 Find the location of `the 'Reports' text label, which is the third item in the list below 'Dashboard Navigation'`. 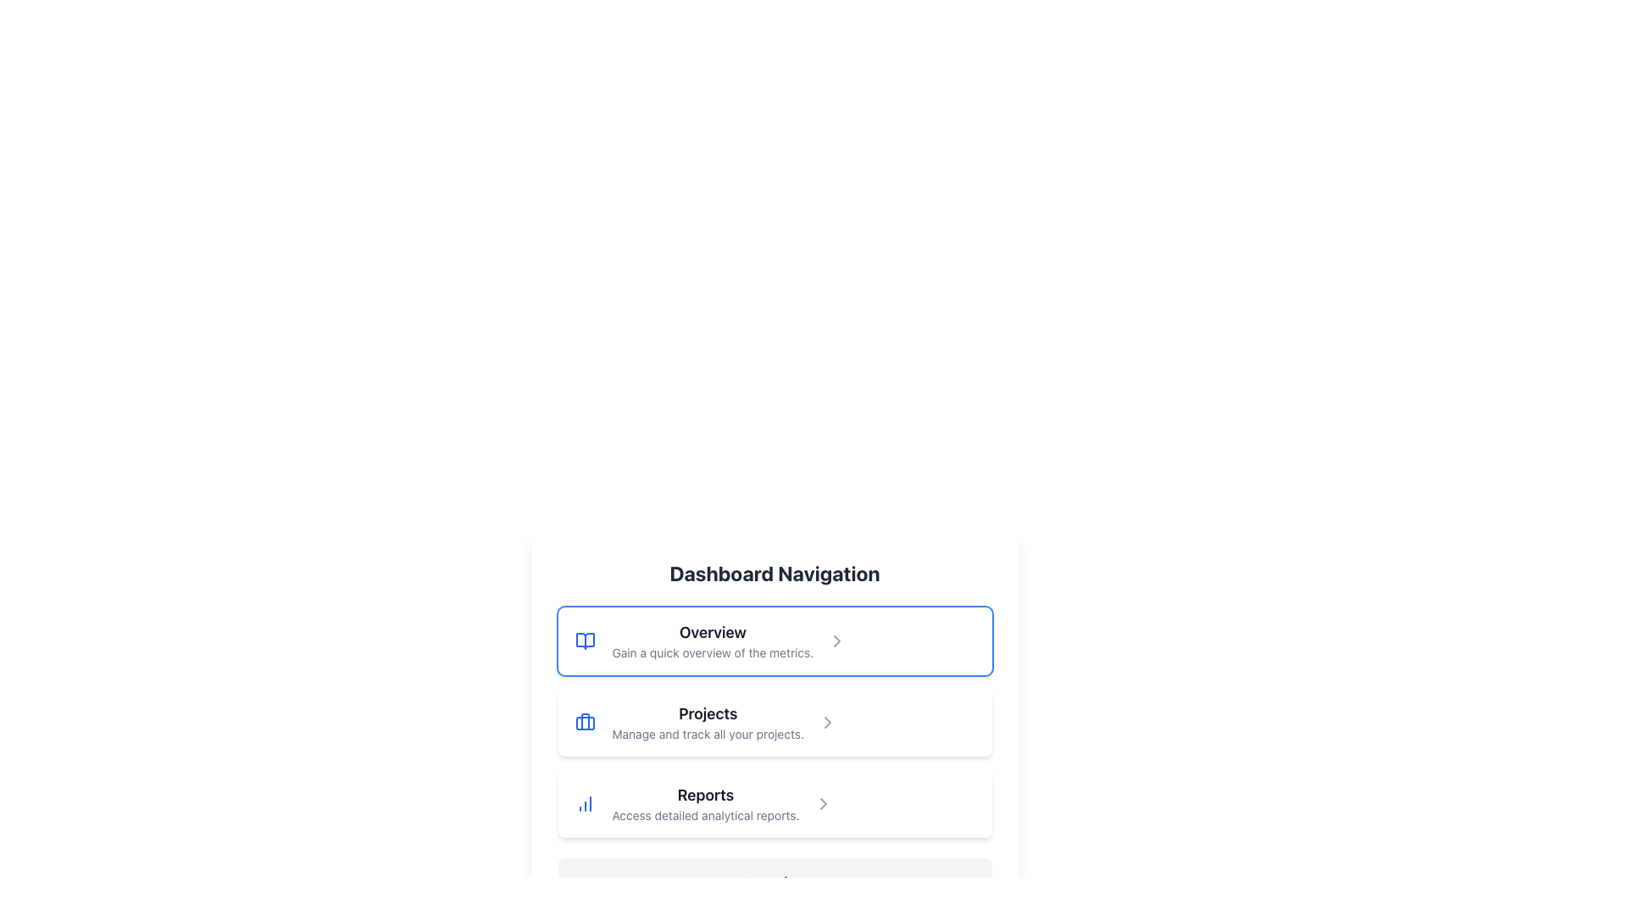

the 'Reports' text label, which is the third item in the list below 'Dashboard Navigation' is located at coordinates (706, 802).